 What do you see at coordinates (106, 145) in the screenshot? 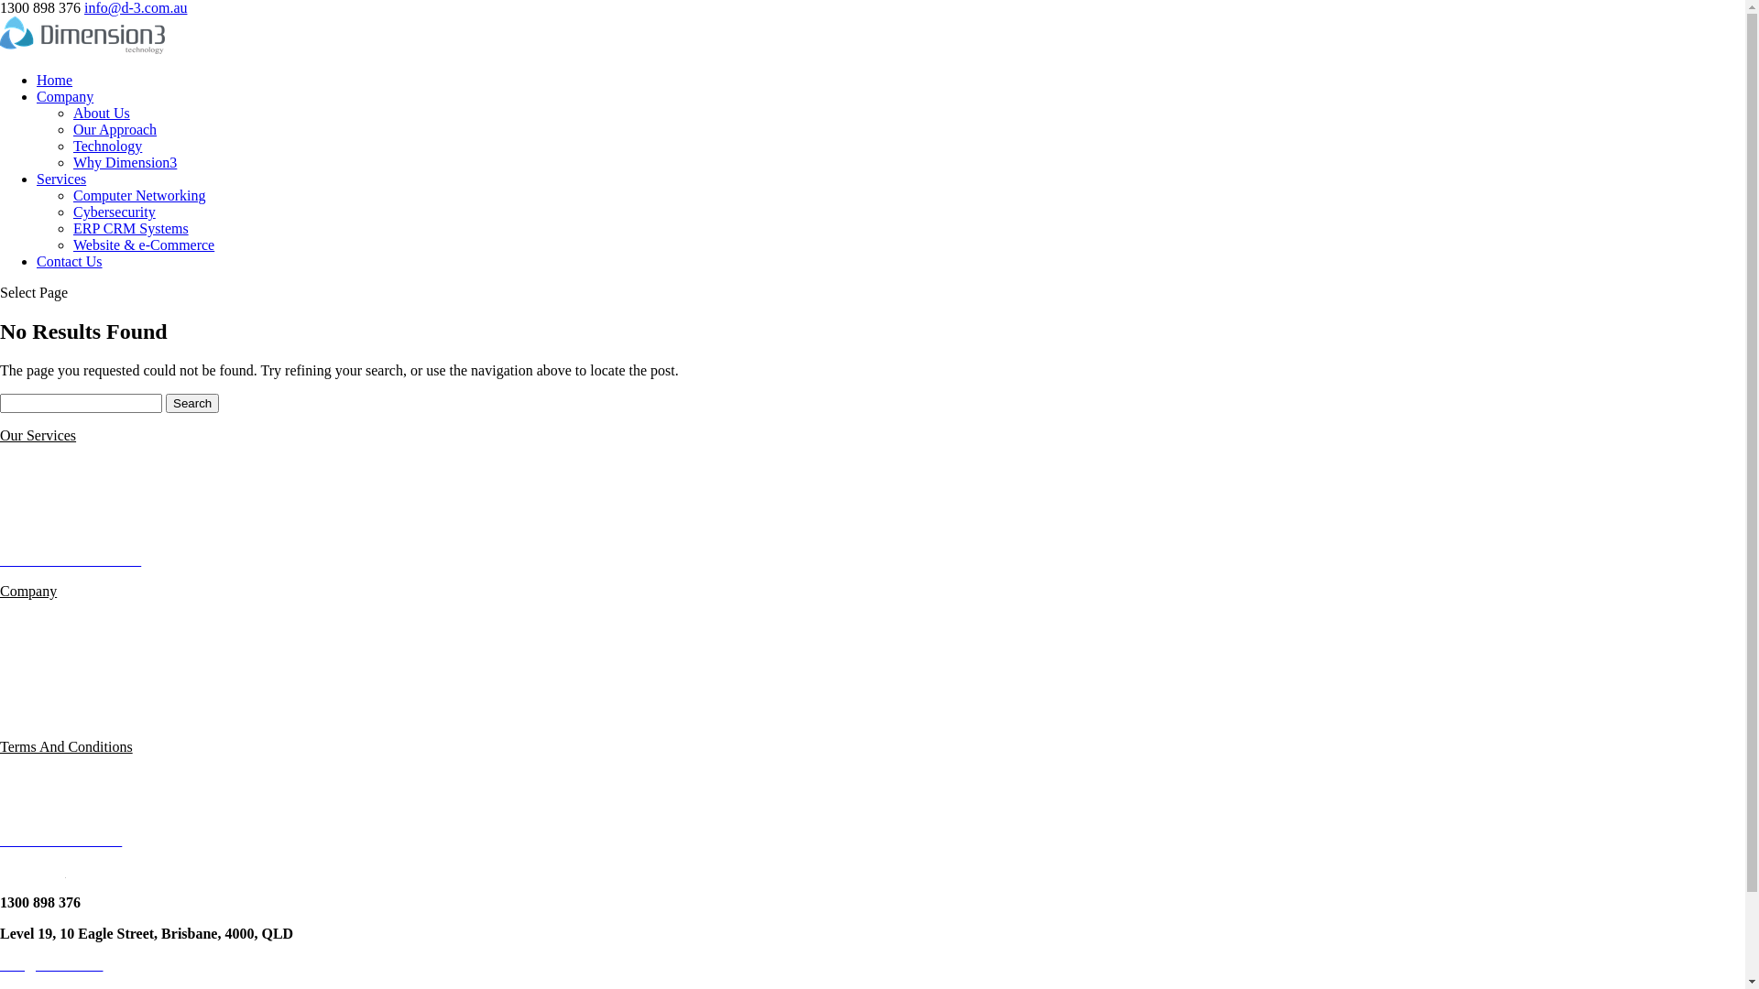
I see `'Technology'` at bounding box center [106, 145].